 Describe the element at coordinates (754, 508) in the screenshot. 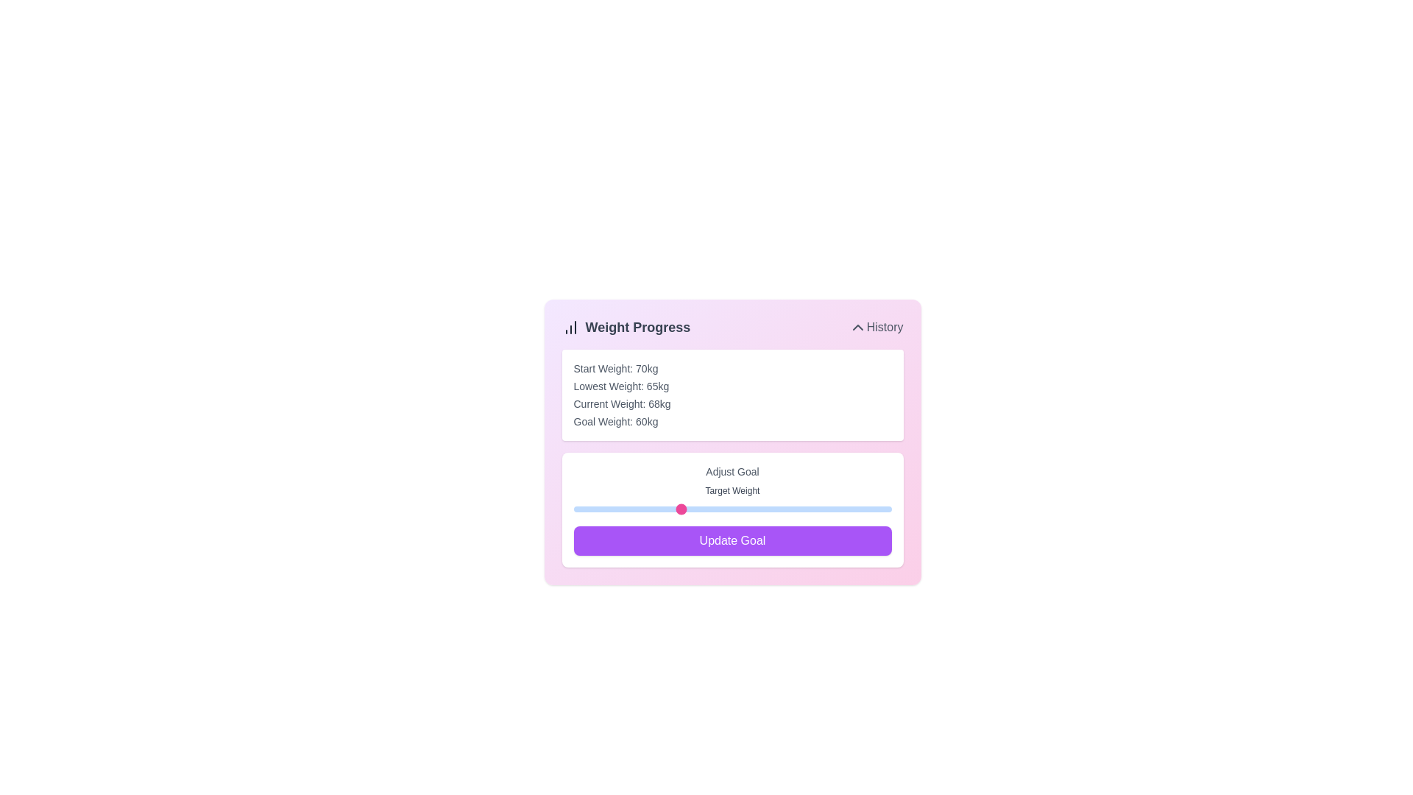

I see `the goal weight slider to 67 kg` at that location.